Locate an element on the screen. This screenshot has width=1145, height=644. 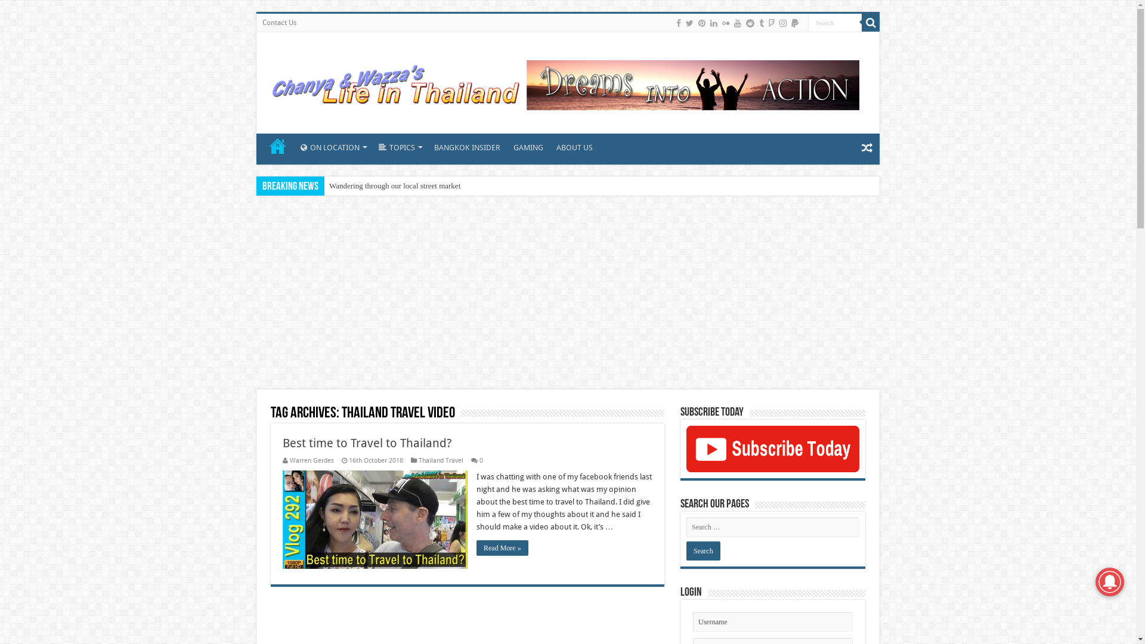
'OMG! No Vegemite!' is located at coordinates (361, 186).